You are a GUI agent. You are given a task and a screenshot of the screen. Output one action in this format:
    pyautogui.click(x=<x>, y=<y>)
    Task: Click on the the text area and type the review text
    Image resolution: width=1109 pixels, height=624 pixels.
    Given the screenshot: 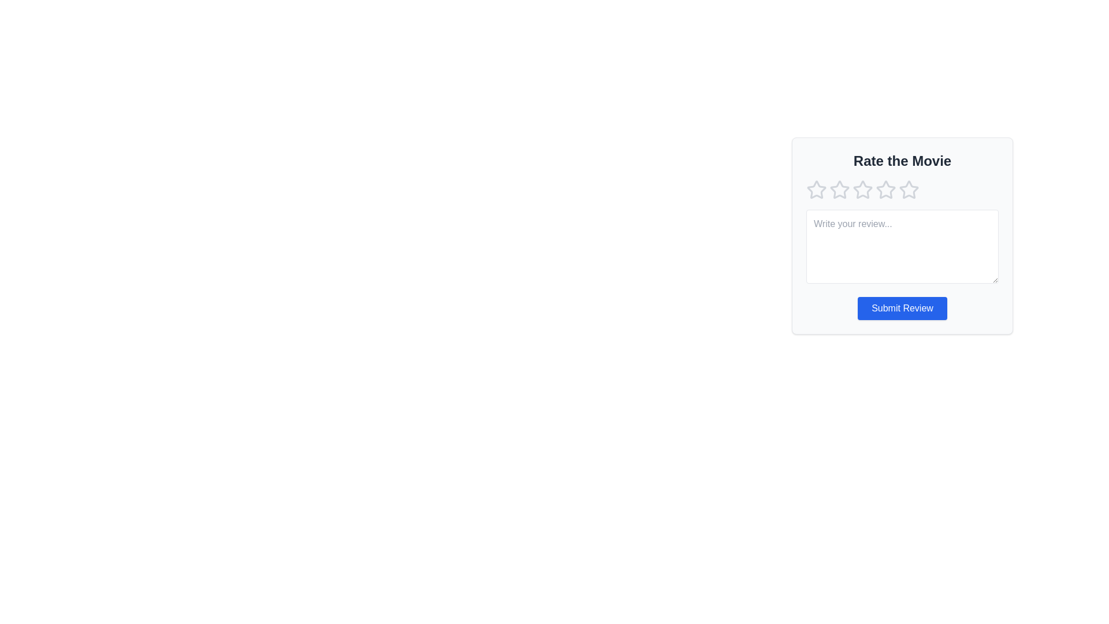 What is the action you would take?
    pyautogui.click(x=902, y=246)
    